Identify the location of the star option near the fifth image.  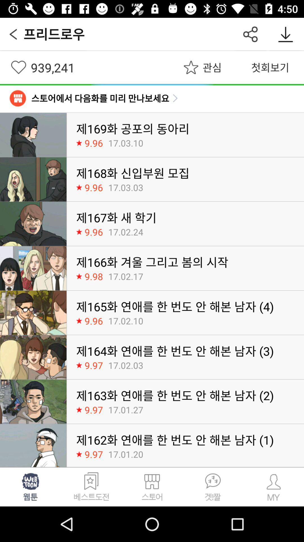
(79, 321).